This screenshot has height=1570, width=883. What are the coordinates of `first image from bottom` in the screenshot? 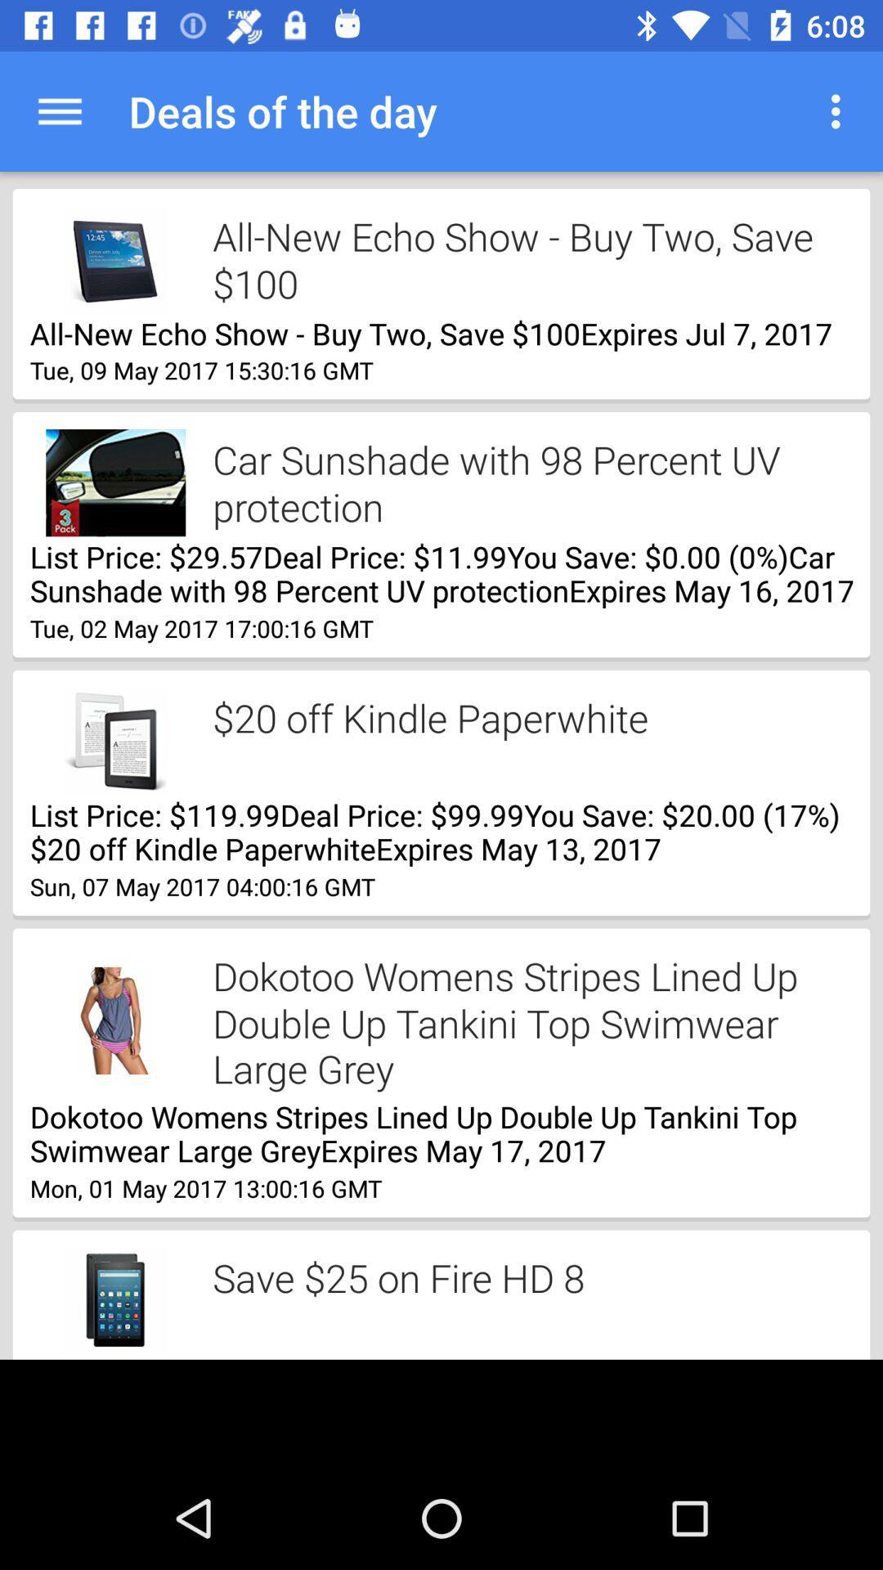 It's located at (115, 1300).